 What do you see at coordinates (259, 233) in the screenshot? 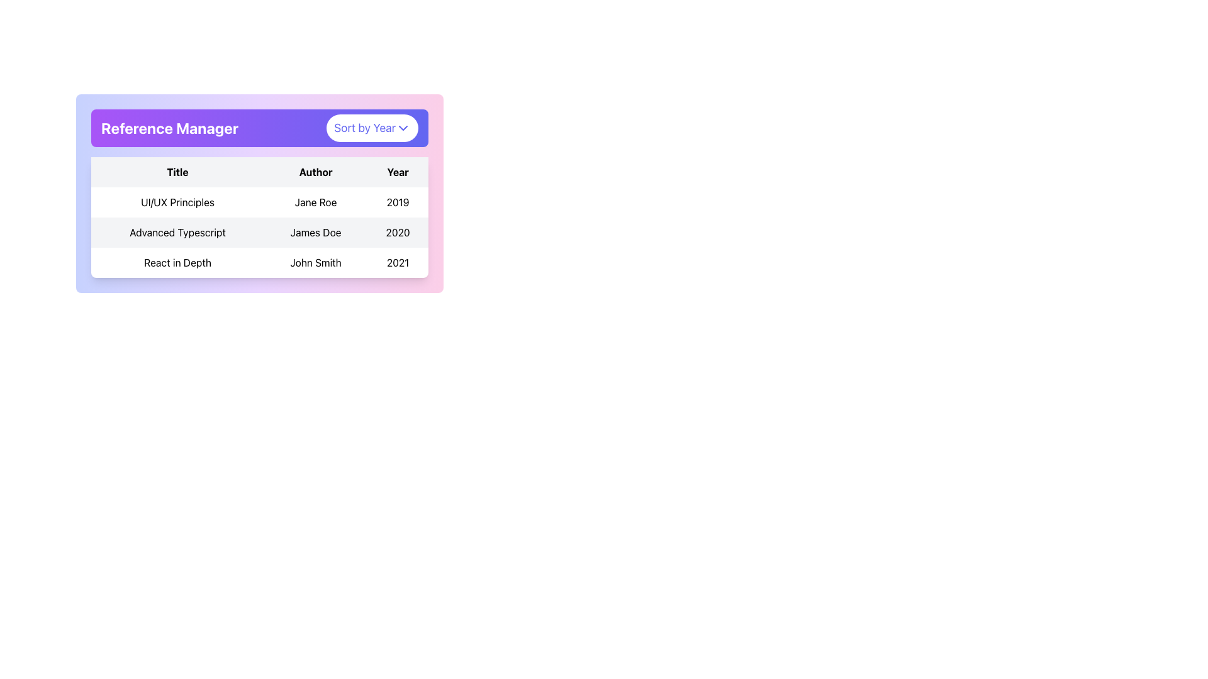
I see `the second row of the data table displaying the record for 'Advanced Typescript' by 'James Doe' from the year '2020'` at bounding box center [259, 233].